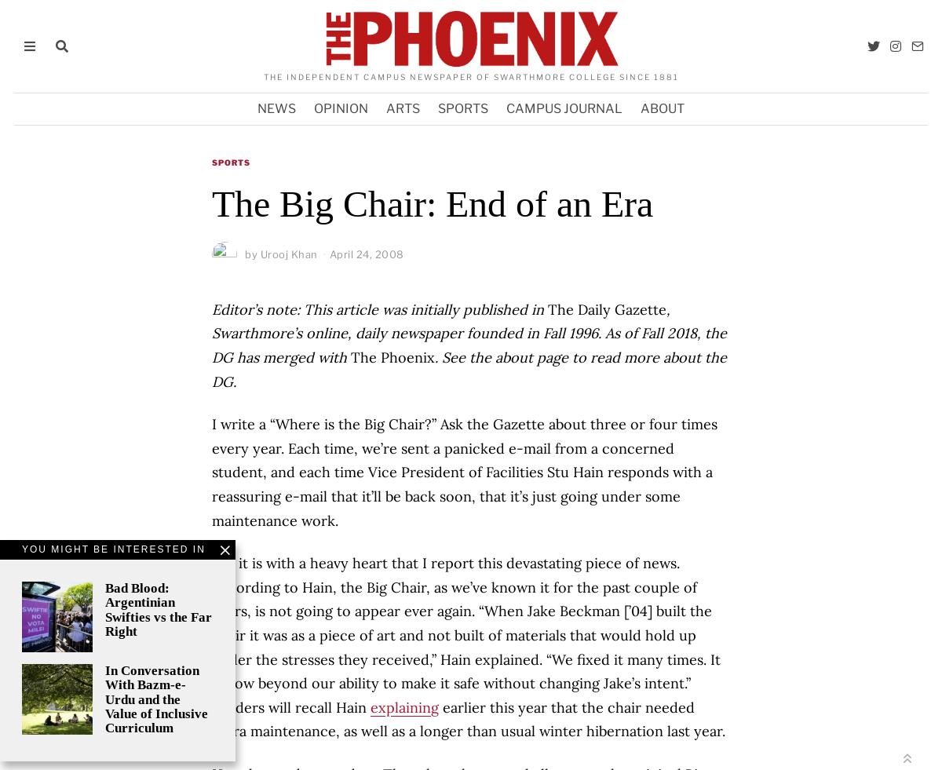 Image resolution: width=942 pixels, height=770 pixels. What do you see at coordinates (604, 308) in the screenshot?
I see `'The Daily Gazette'` at bounding box center [604, 308].